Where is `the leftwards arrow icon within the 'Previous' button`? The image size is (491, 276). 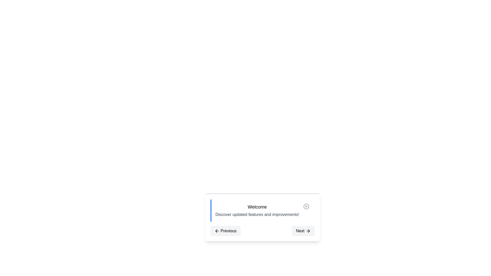 the leftwards arrow icon within the 'Previous' button is located at coordinates (217, 231).